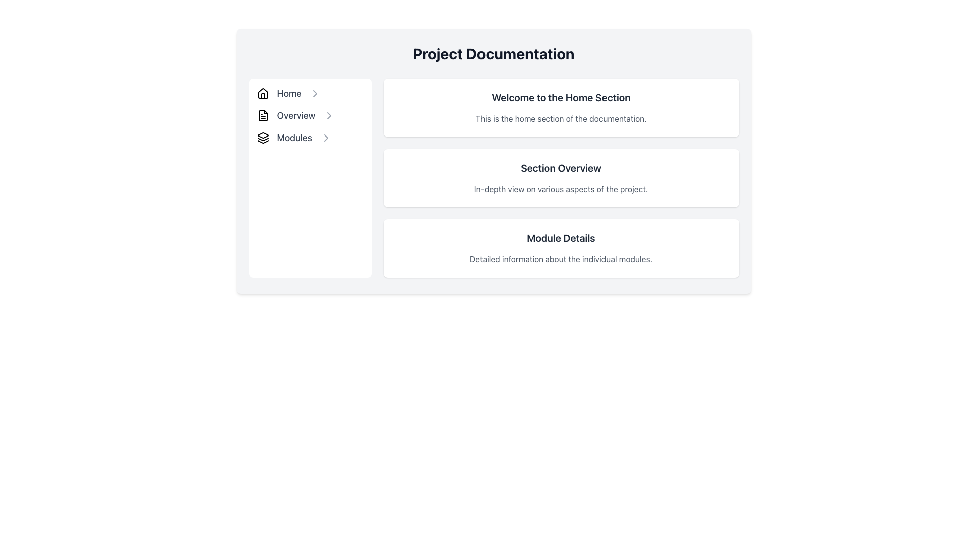 The image size is (964, 542). I want to click on the 'Section Overview' card, which has a white background, rounded corners, and contains a bold title in dark gray followed by a lighter paragraph, so click(560, 177).